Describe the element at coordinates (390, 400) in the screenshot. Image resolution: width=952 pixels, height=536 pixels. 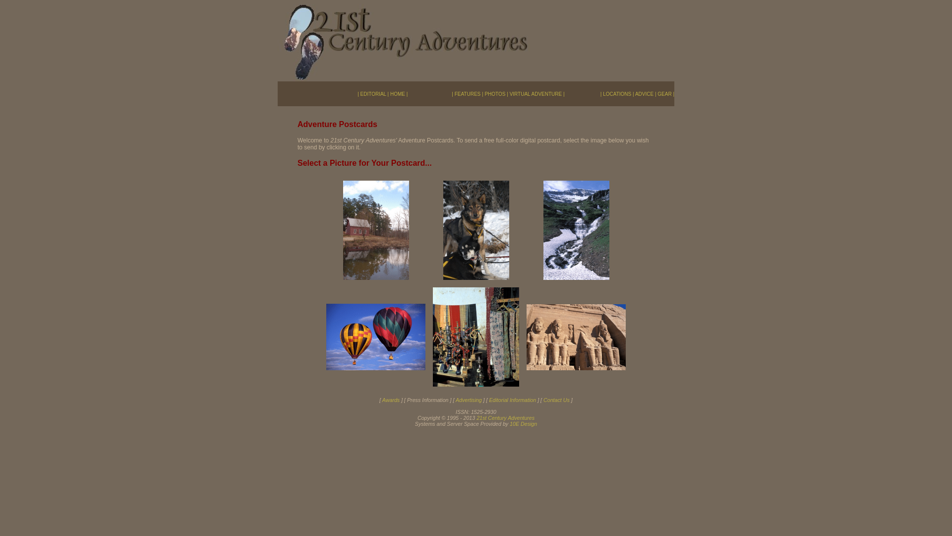
I see `'Awards'` at that location.